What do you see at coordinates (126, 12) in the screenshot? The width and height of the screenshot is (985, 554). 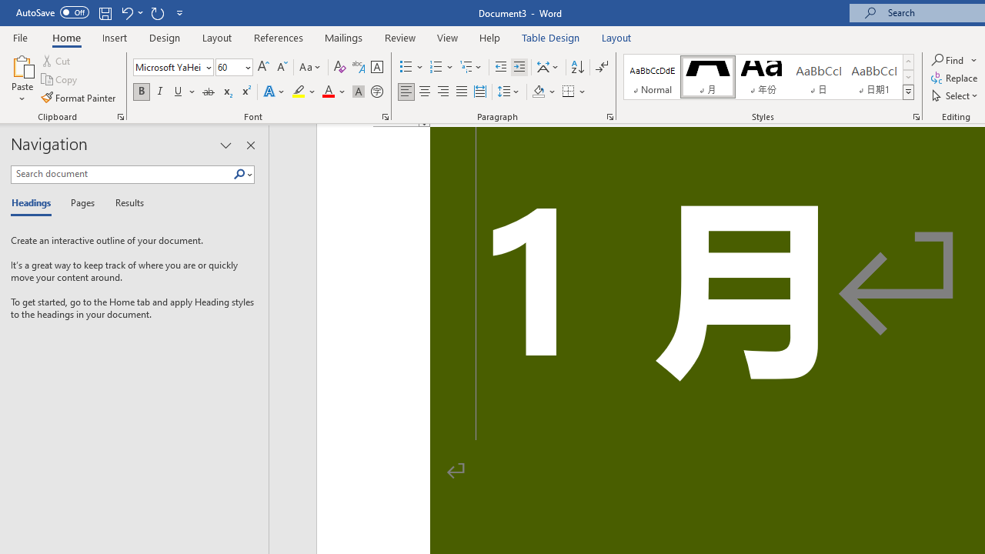 I see `'Undo Increase Indent'` at bounding box center [126, 12].